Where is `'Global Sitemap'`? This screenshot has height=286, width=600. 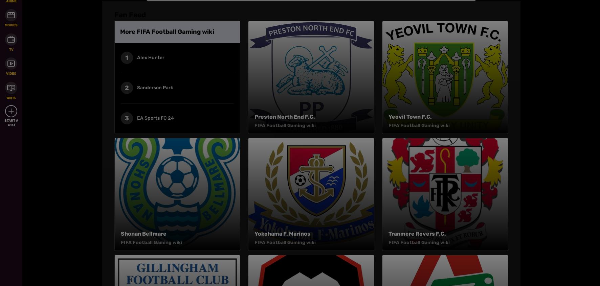
'Global Sitemap' is located at coordinates (246, 56).